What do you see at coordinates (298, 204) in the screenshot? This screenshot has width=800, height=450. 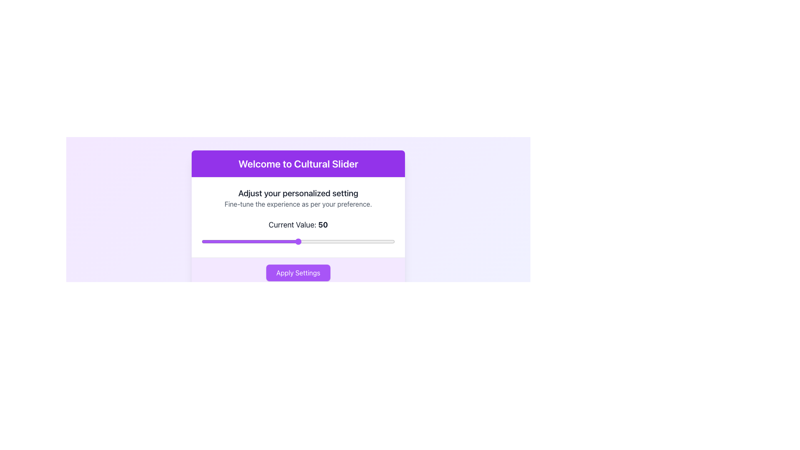 I see `the text block displaying 'Fine-tune the experience as per your preference.' which is located below 'Adjust your personalized setting'` at bounding box center [298, 204].